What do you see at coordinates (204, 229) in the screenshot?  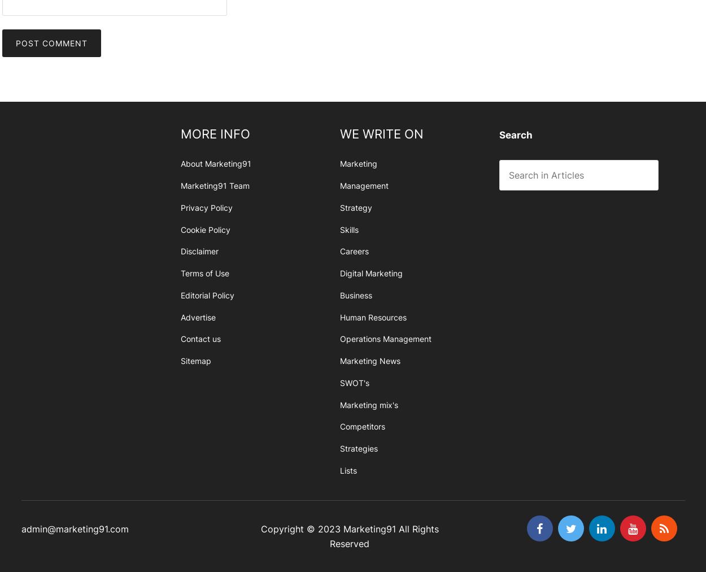 I see `'Cookie Policy'` at bounding box center [204, 229].